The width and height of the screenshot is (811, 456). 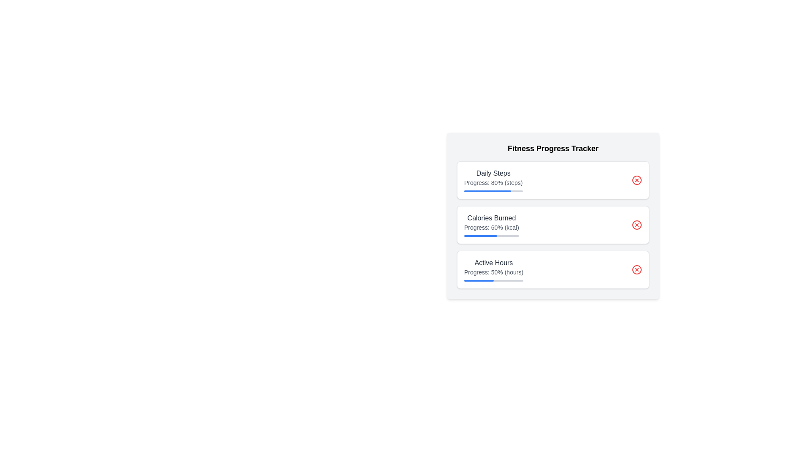 I want to click on the progress visually by interacting with the progress bar component located below the 'Active Hours' label in the 'Fitness Progress Tracker', so click(x=494, y=280).